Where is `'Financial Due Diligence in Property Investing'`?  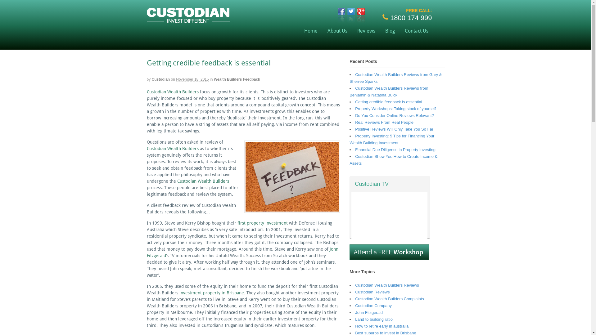 'Financial Due Diligence in Property Investing' is located at coordinates (395, 150).